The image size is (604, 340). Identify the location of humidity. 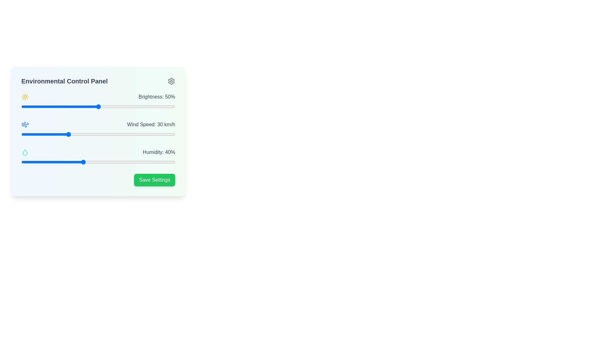
(154, 162).